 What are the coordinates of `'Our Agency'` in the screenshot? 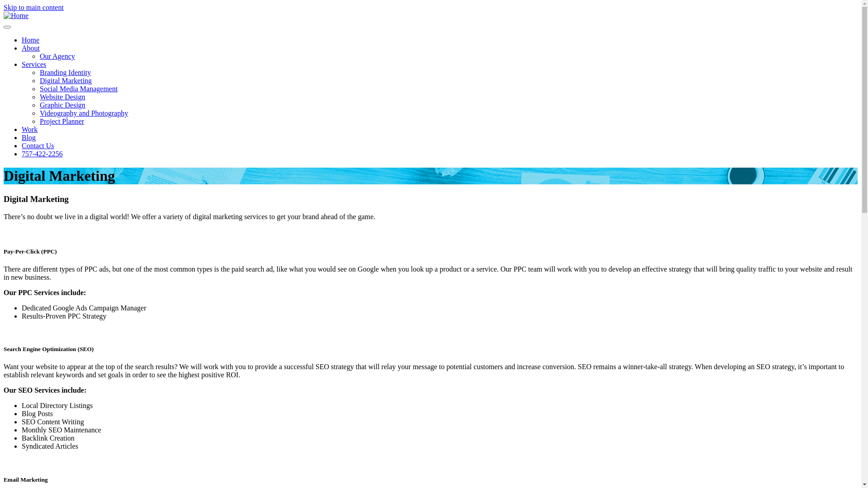 It's located at (57, 56).